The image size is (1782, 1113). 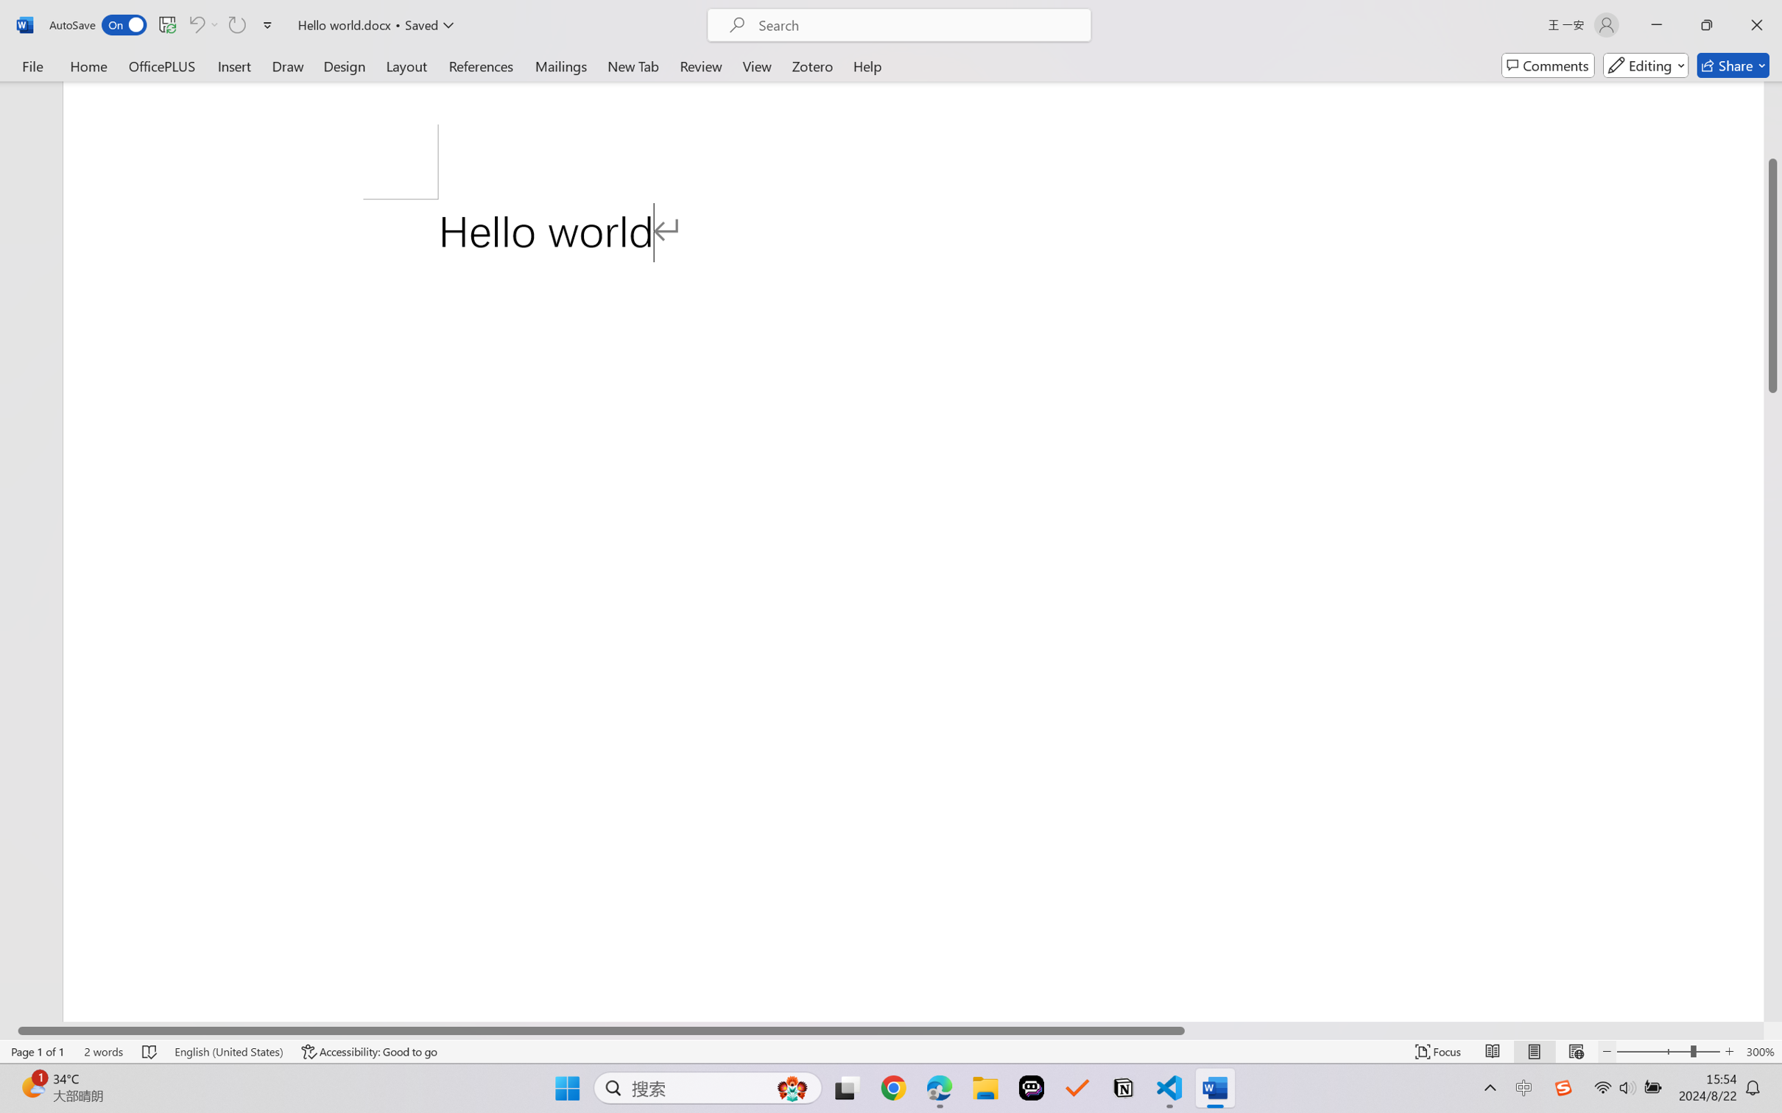 What do you see at coordinates (202, 24) in the screenshot?
I see `'Can'` at bounding box center [202, 24].